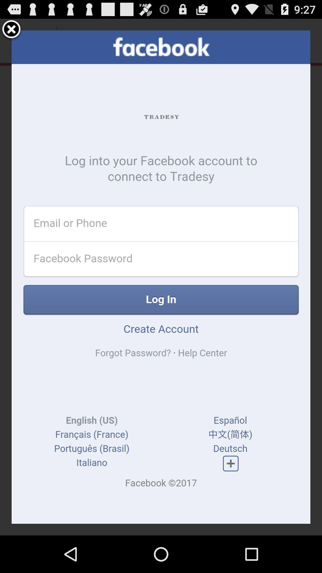  What do you see at coordinates (11, 30) in the screenshot?
I see `the button is used to close the page` at bounding box center [11, 30].